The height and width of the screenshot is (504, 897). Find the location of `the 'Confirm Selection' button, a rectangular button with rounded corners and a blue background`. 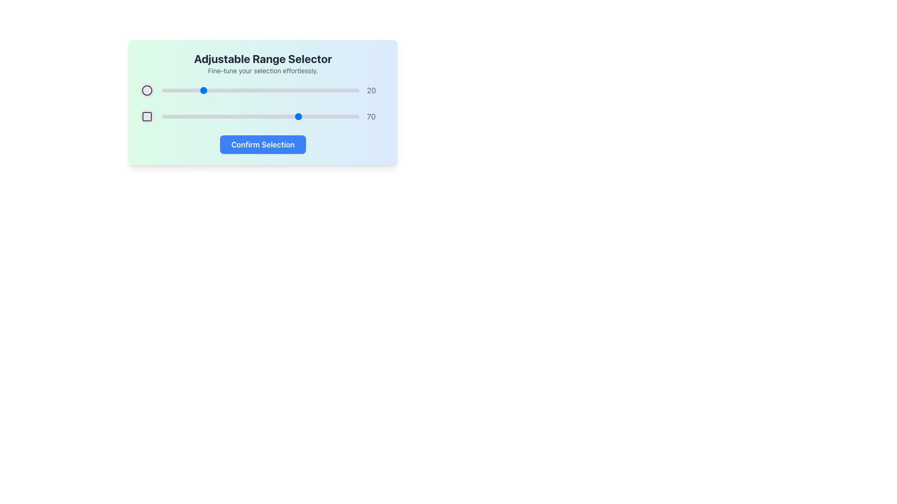

the 'Confirm Selection' button, a rectangular button with rounded corners and a blue background is located at coordinates (262, 144).